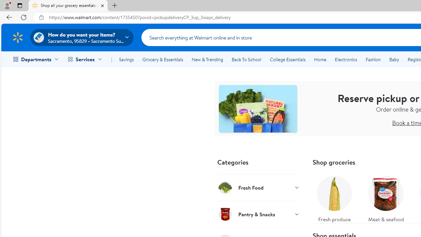  Describe the element at coordinates (386, 197) in the screenshot. I see `'Meat & seafood'` at that location.